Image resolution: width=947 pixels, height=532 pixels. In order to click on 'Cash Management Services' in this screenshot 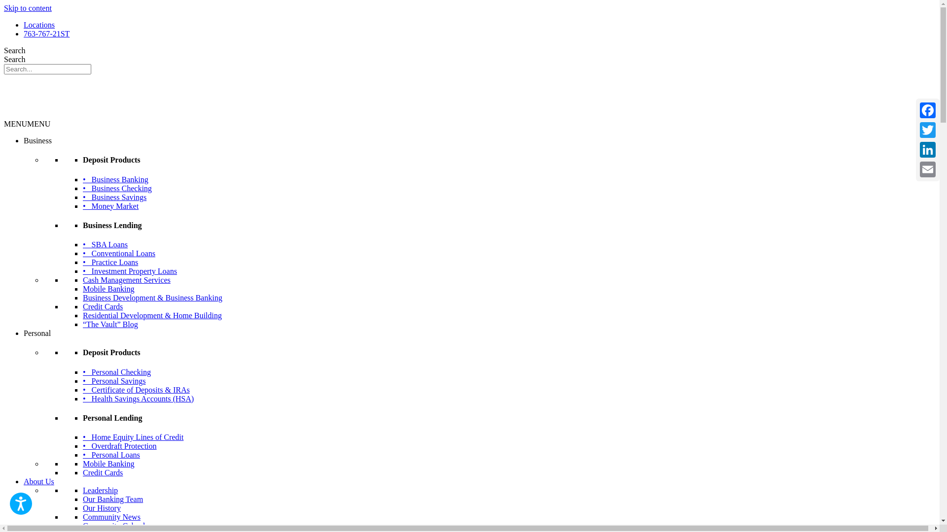, I will do `click(126, 280)`.